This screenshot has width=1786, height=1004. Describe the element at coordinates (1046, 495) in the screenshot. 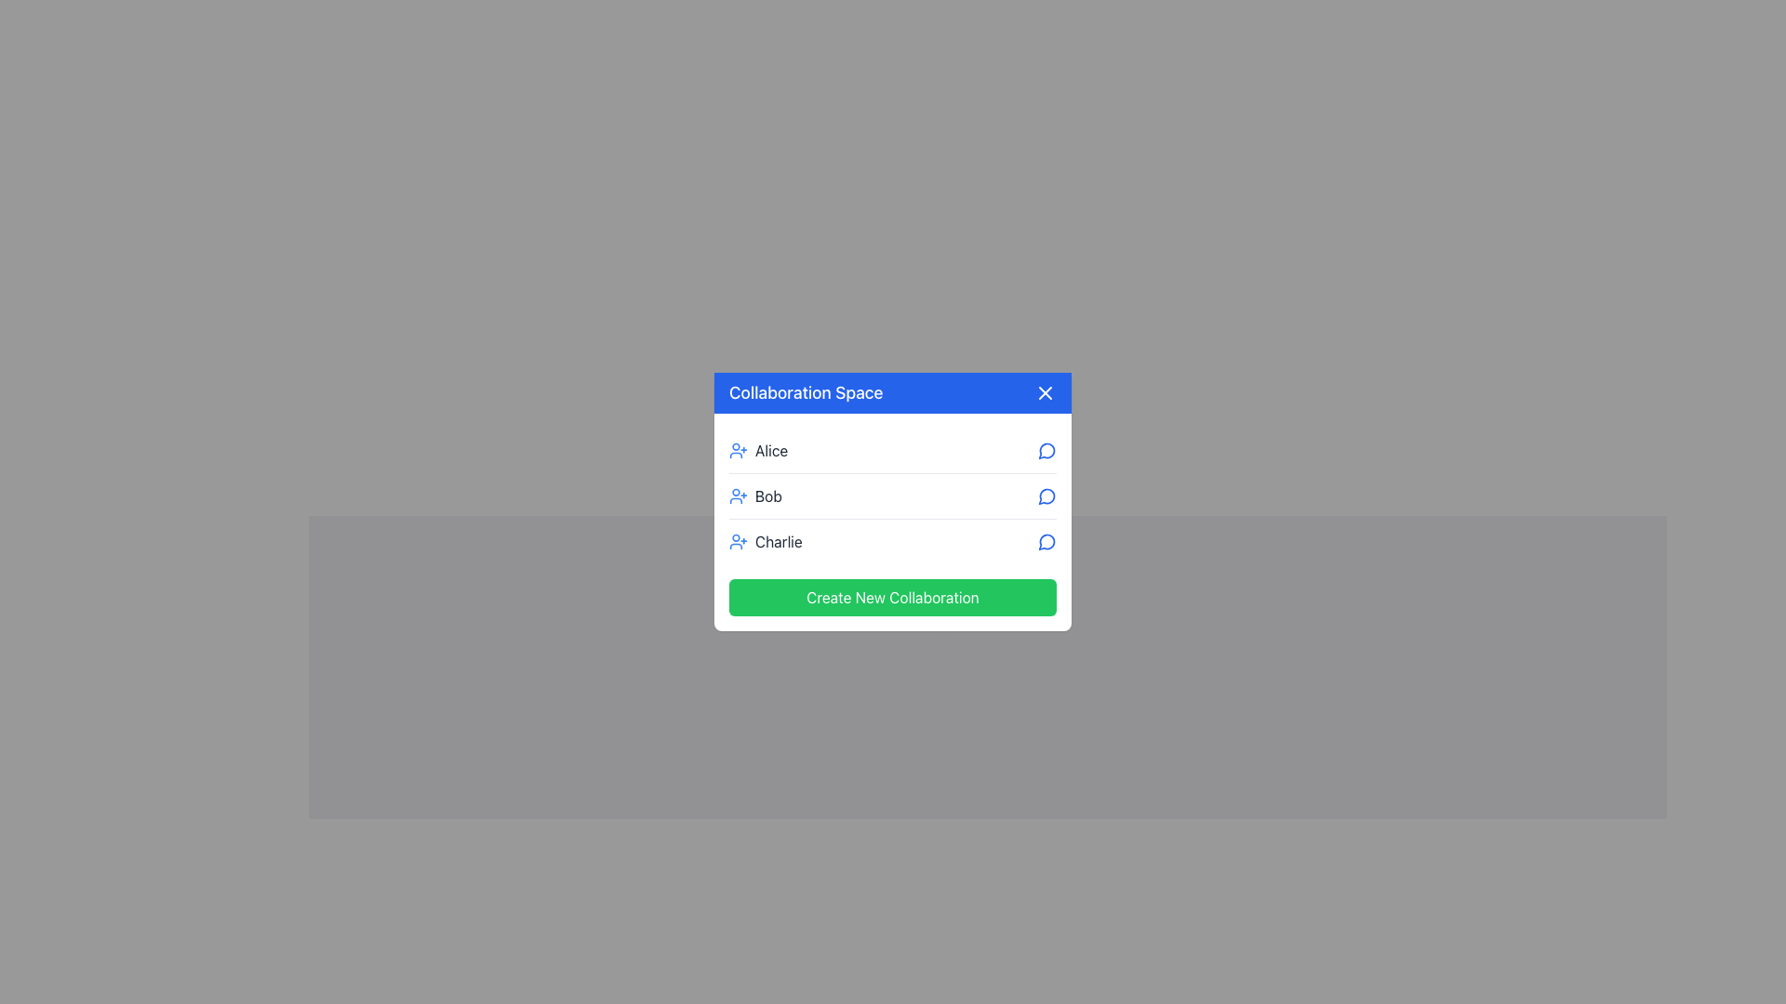

I see `the messaging icon located at the far right of Bob's row in the Collaboration Space` at that location.